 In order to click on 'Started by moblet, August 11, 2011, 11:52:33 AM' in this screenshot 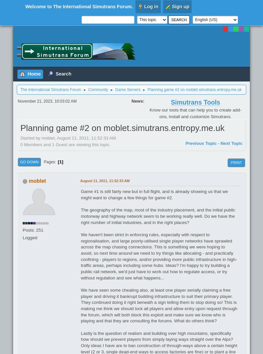, I will do `click(68, 137)`.